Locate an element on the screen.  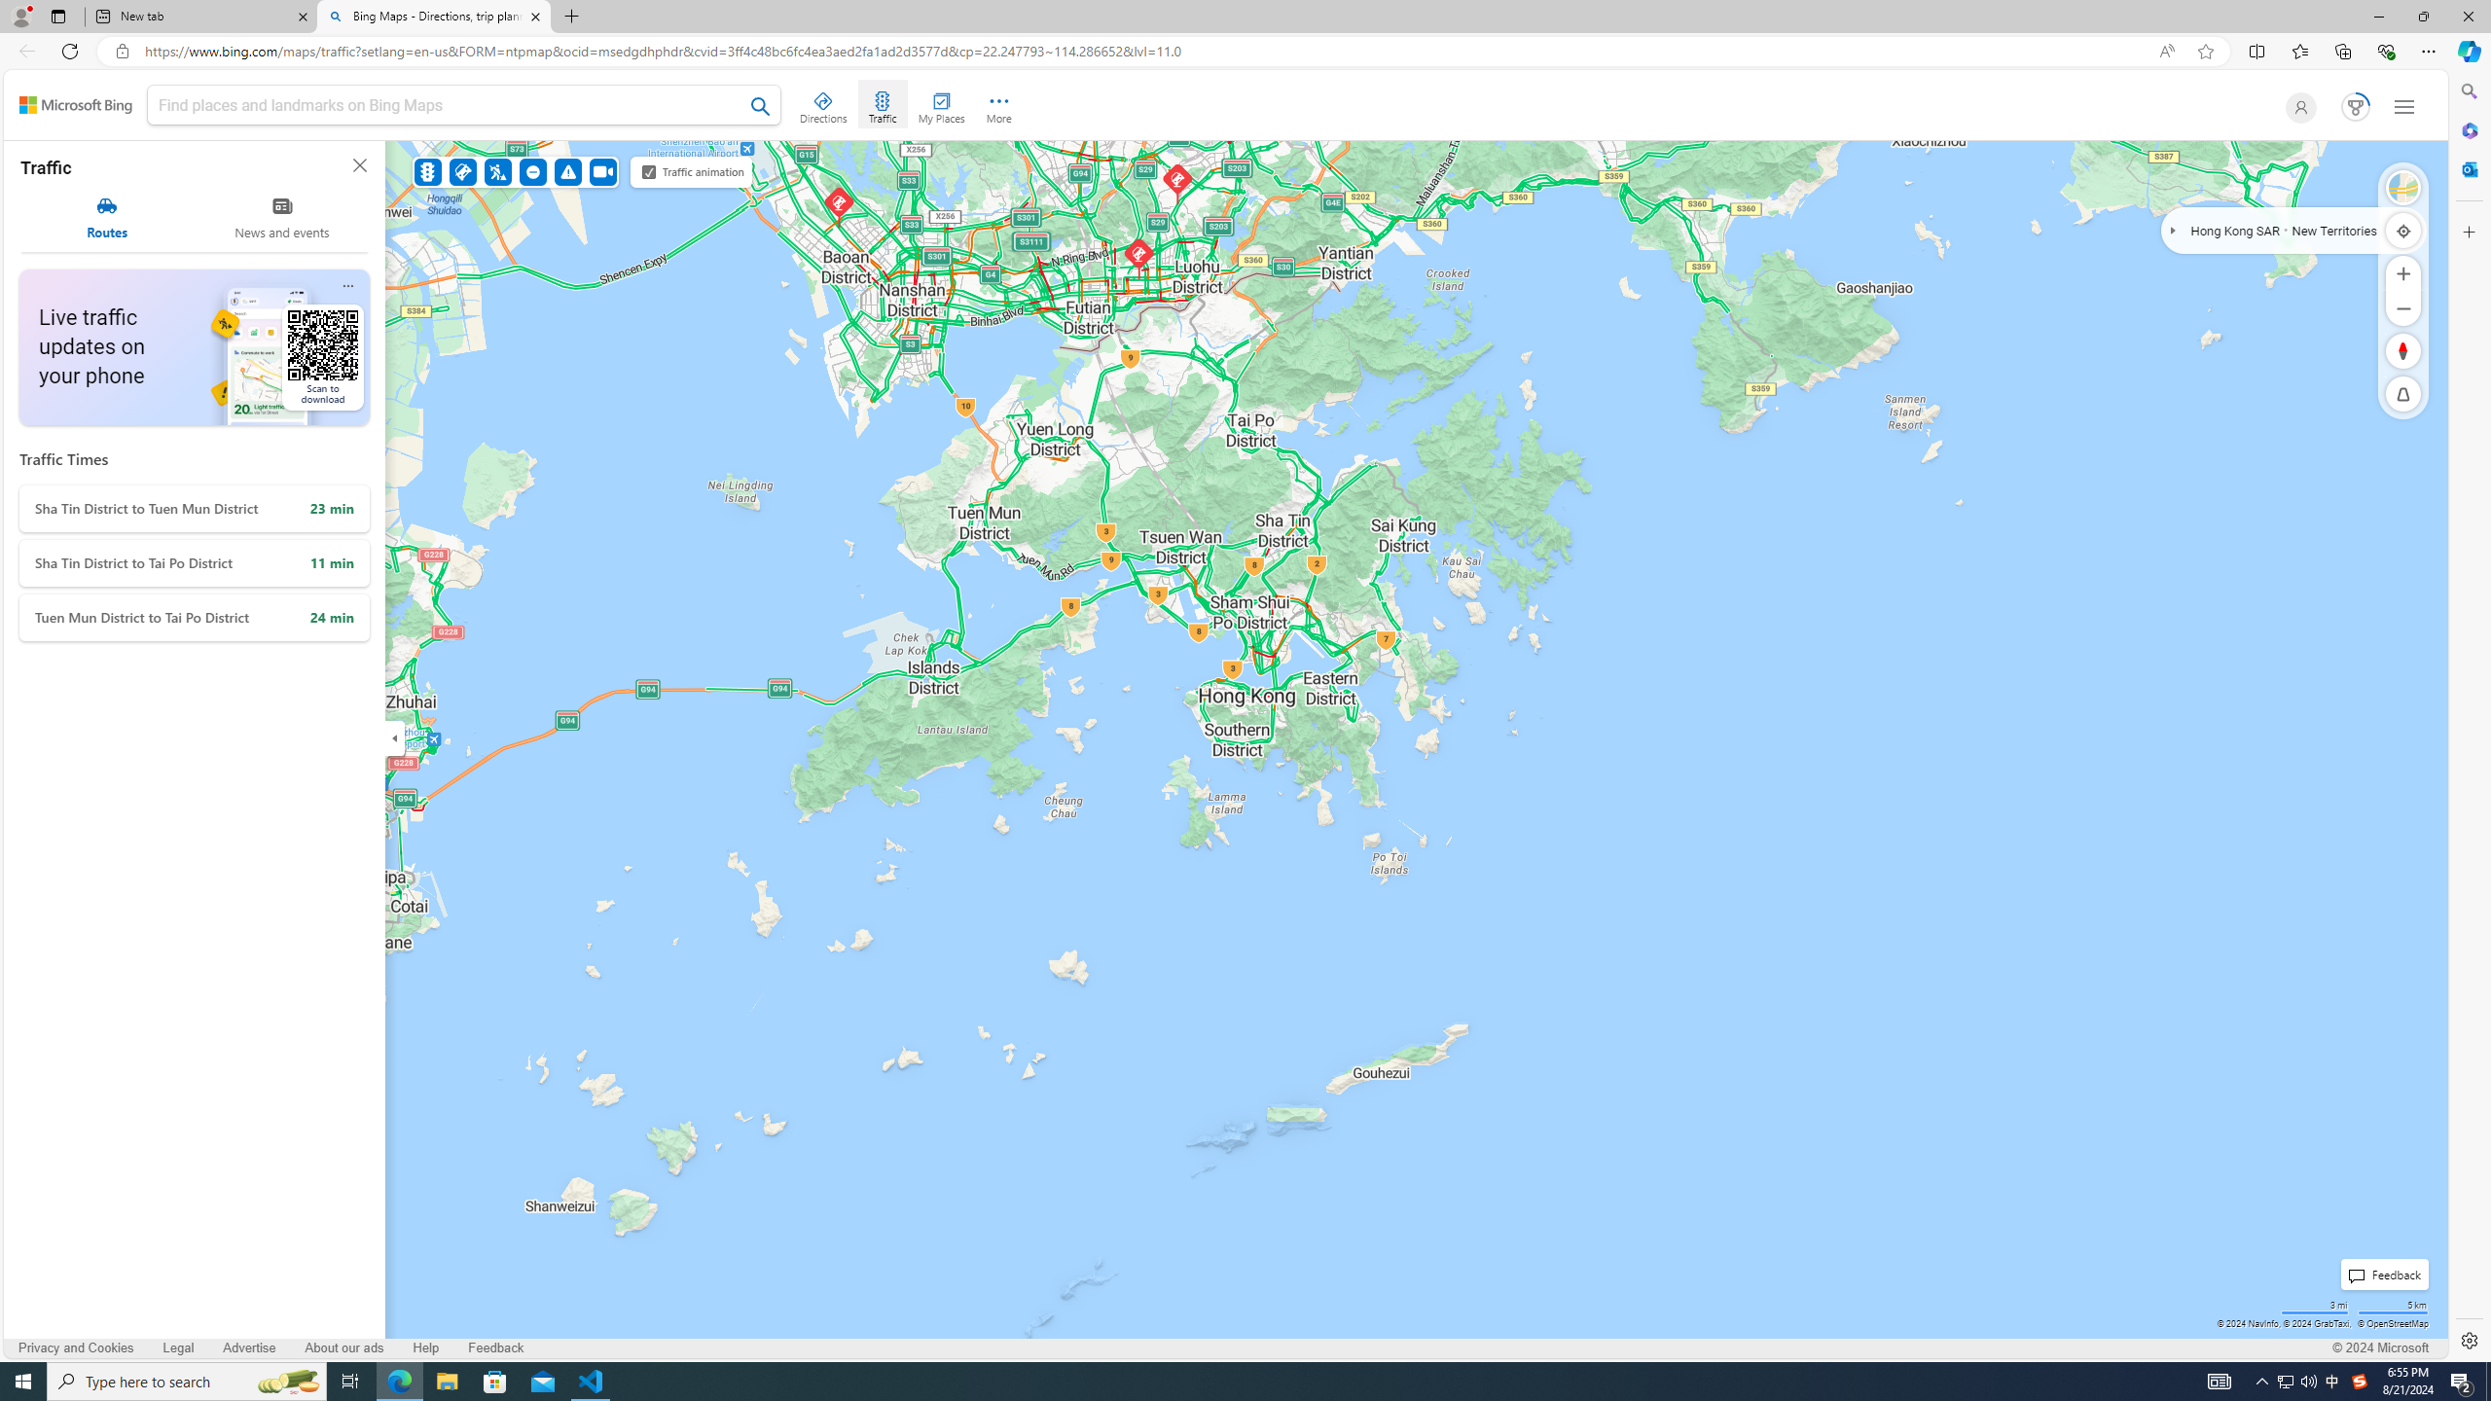
'About our ads' is located at coordinates (343, 1348).